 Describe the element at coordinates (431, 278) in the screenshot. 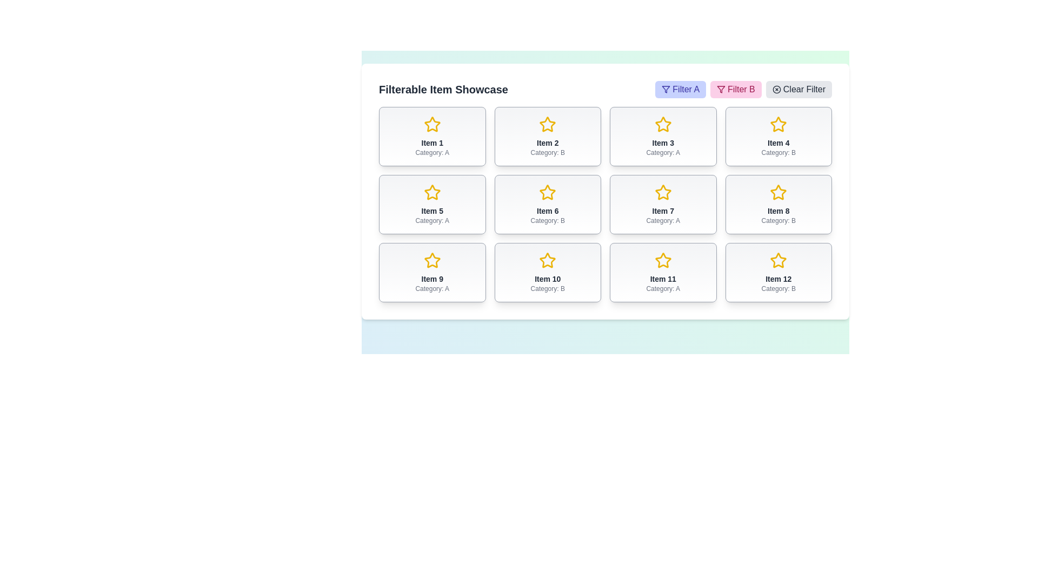

I see `text label that describes the item within the card labeled 'Item 9', which is positioned in the third row and first column of the grid layout` at that location.